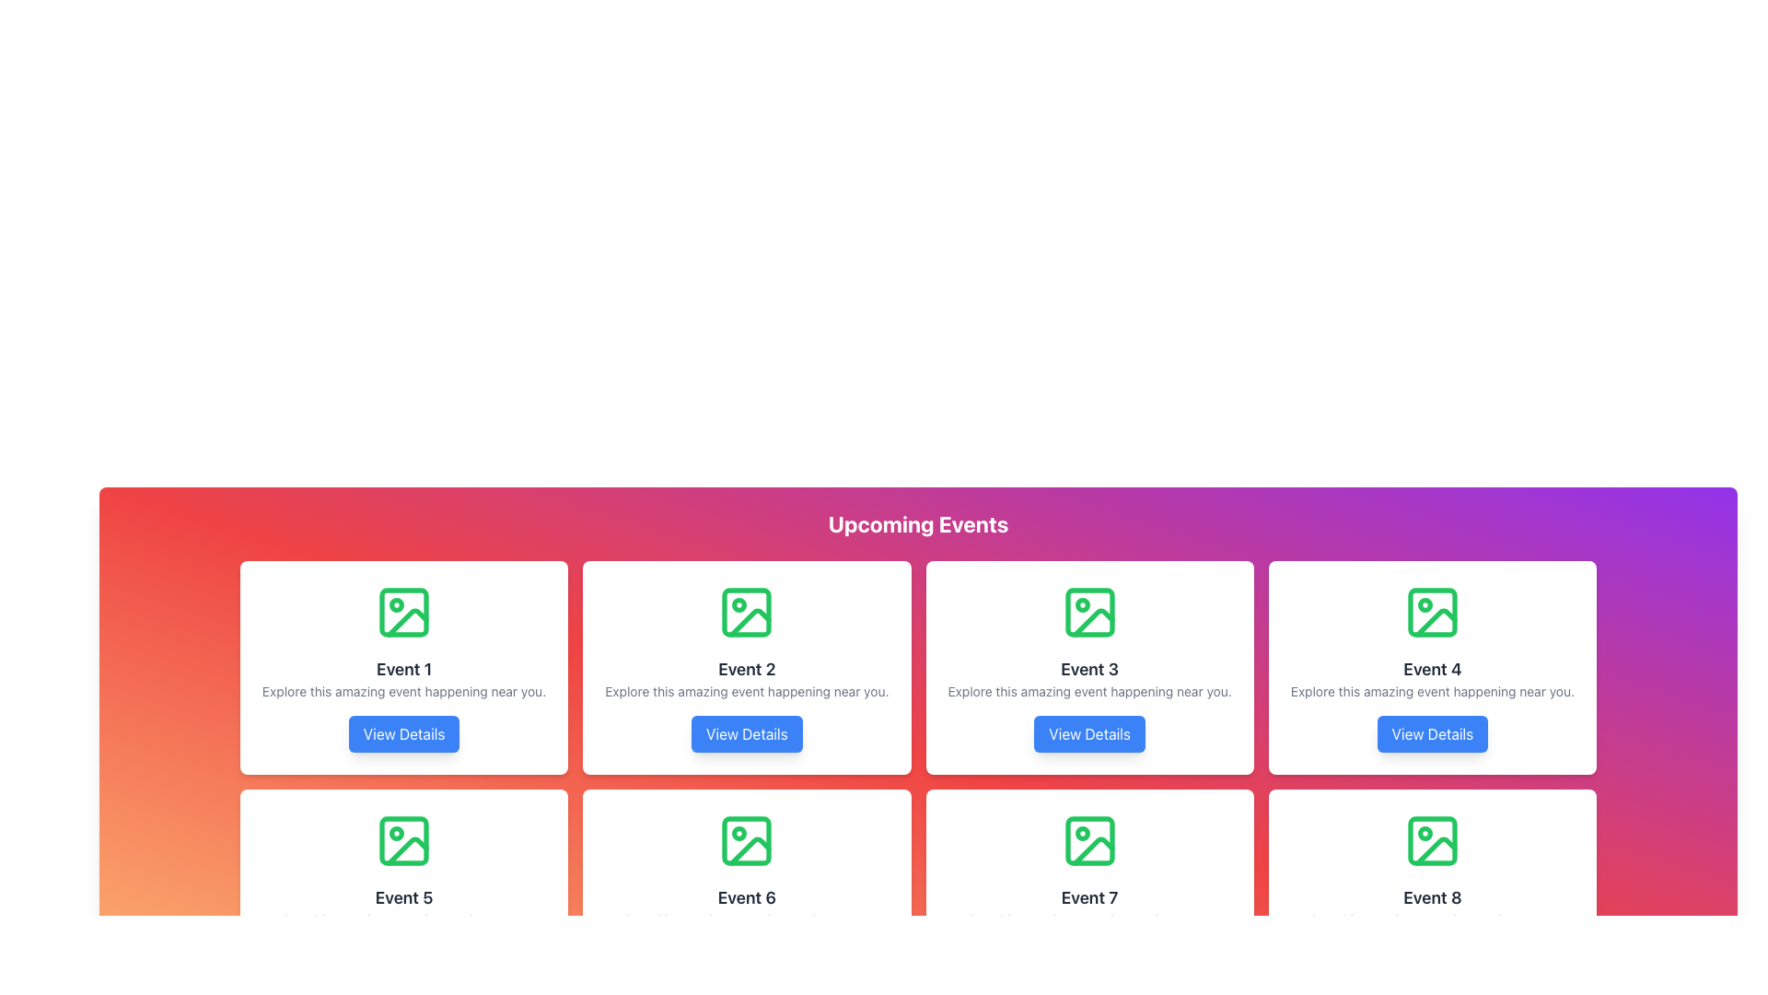 The height and width of the screenshot is (995, 1768). What do you see at coordinates (403, 612) in the screenshot?
I see `the icon representing an image at the top-left corner of the first event card in the grid` at bounding box center [403, 612].